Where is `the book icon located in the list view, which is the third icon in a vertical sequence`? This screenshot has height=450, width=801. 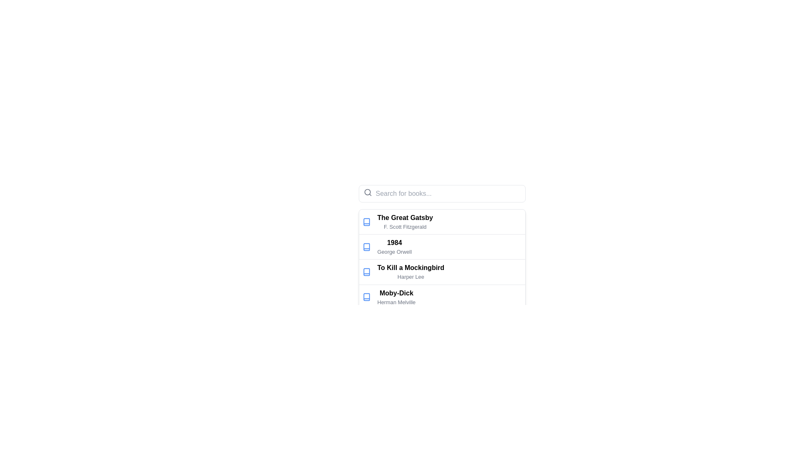
the book icon located in the list view, which is the third icon in a vertical sequence is located at coordinates (366, 272).